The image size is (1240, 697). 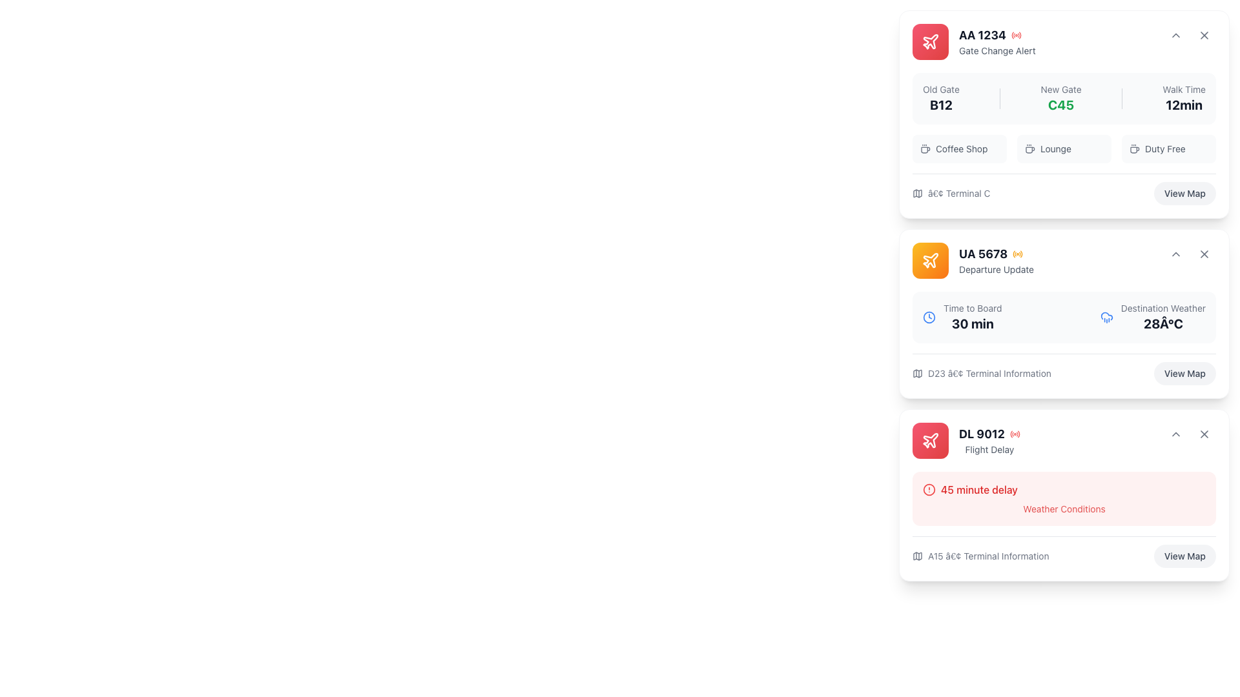 I want to click on the animation of the small circular red icon pulsating adjacent to the text 'DL 9012' within the card interface, so click(x=1014, y=434).